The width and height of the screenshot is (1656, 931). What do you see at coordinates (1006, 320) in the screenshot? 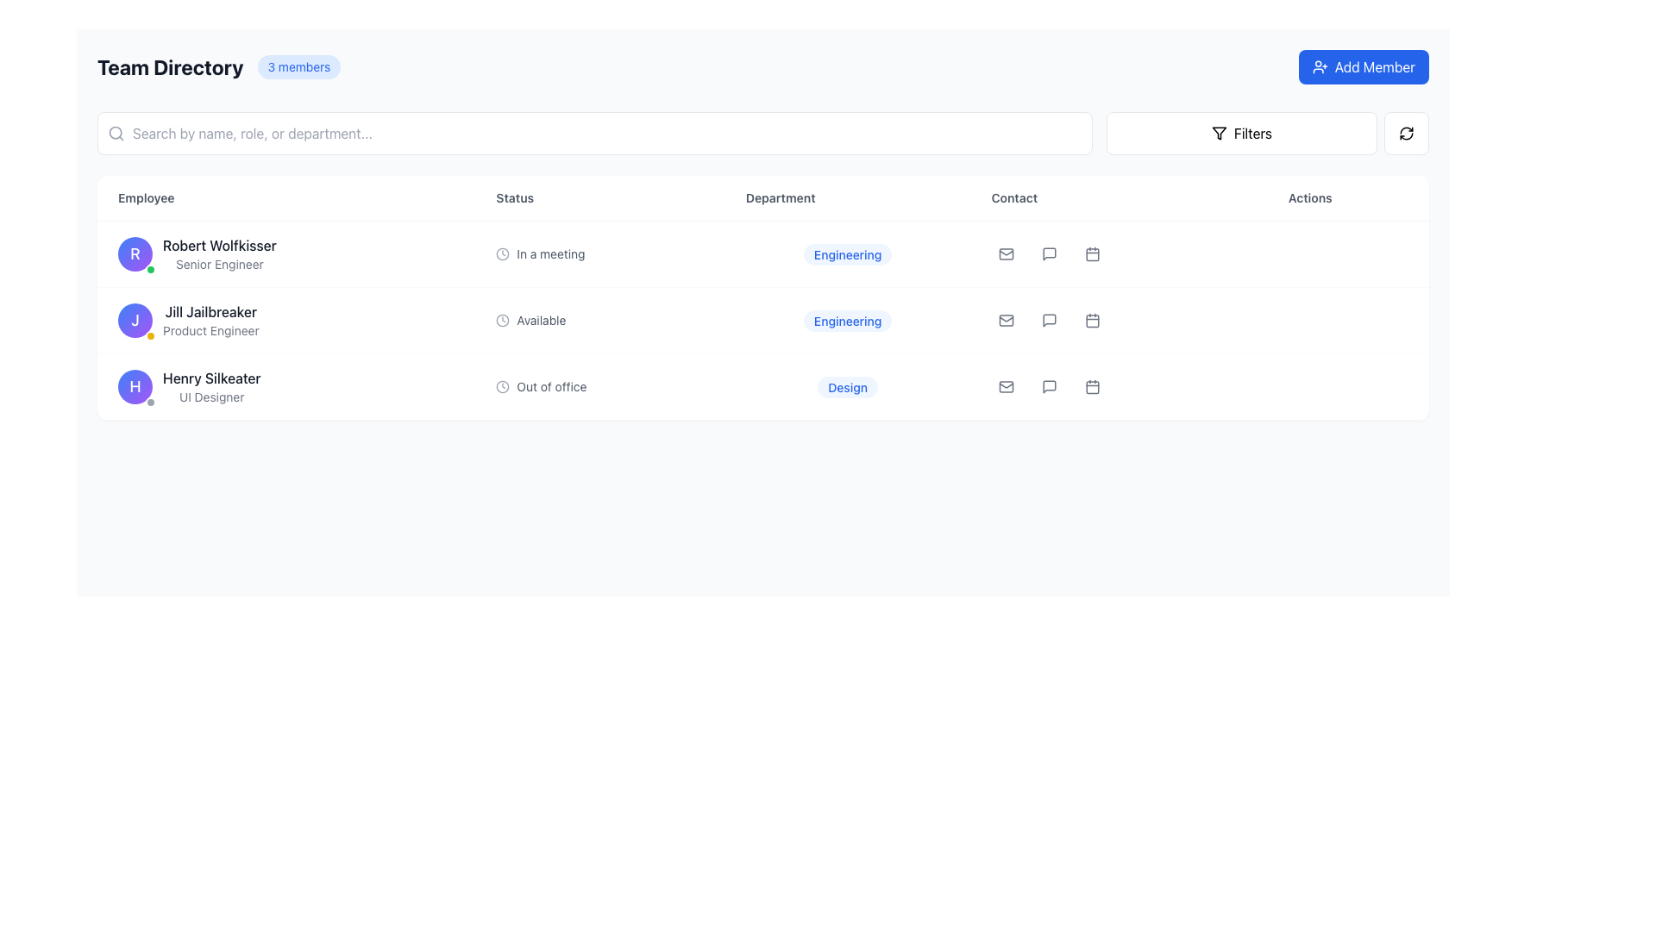
I see `the white envelope icon in the 'Contact' section to initiate email composition for 'Jill Jailbreaker' in the 'Team Directory' interface` at bounding box center [1006, 320].